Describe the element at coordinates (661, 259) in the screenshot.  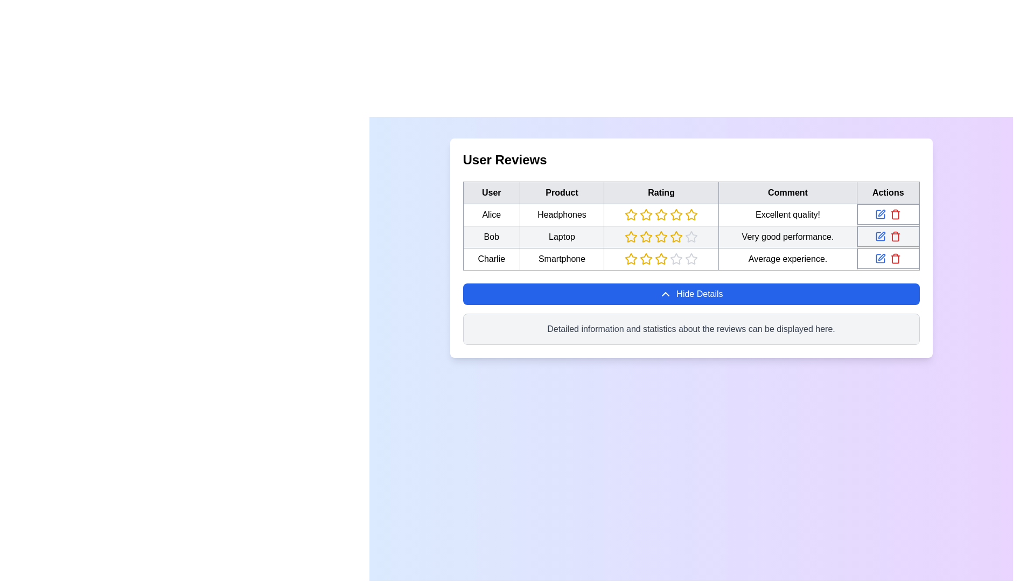
I see `the fifth star icon in the rating row of the 'Charlie' entry` at that location.